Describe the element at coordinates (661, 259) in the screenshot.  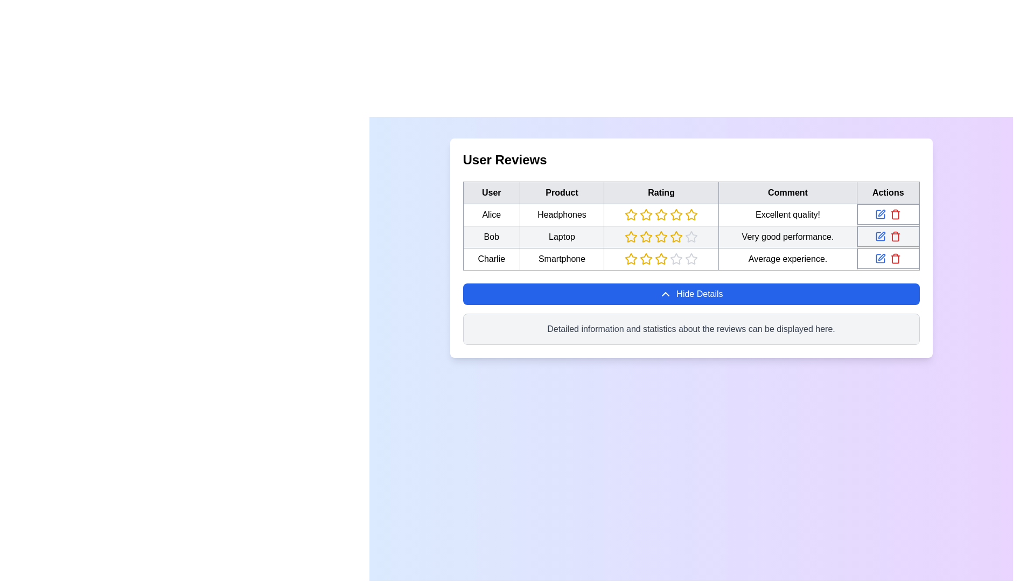
I see `the fifth star icon in the rating row of the 'Charlie' entry` at that location.